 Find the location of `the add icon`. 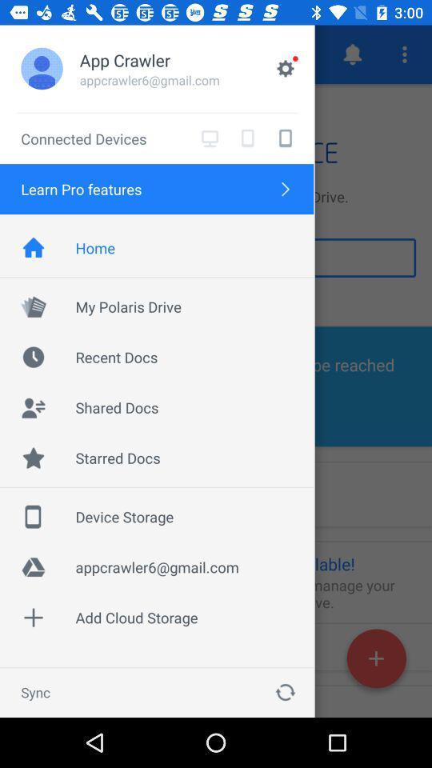

the add icon is located at coordinates (376, 662).